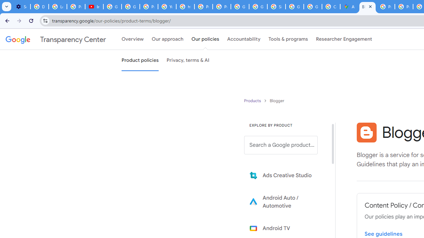 The height and width of the screenshot is (238, 424). I want to click on 'Our approach', so click(168, 39).